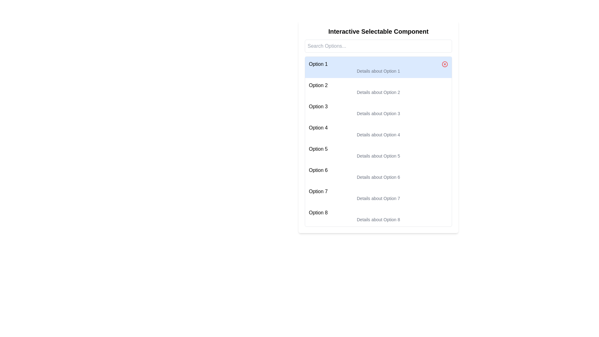 The width and height of the screenshot is (599, 337). I want to click on the list item containing bold text 'Option 2', so click(378, 89).